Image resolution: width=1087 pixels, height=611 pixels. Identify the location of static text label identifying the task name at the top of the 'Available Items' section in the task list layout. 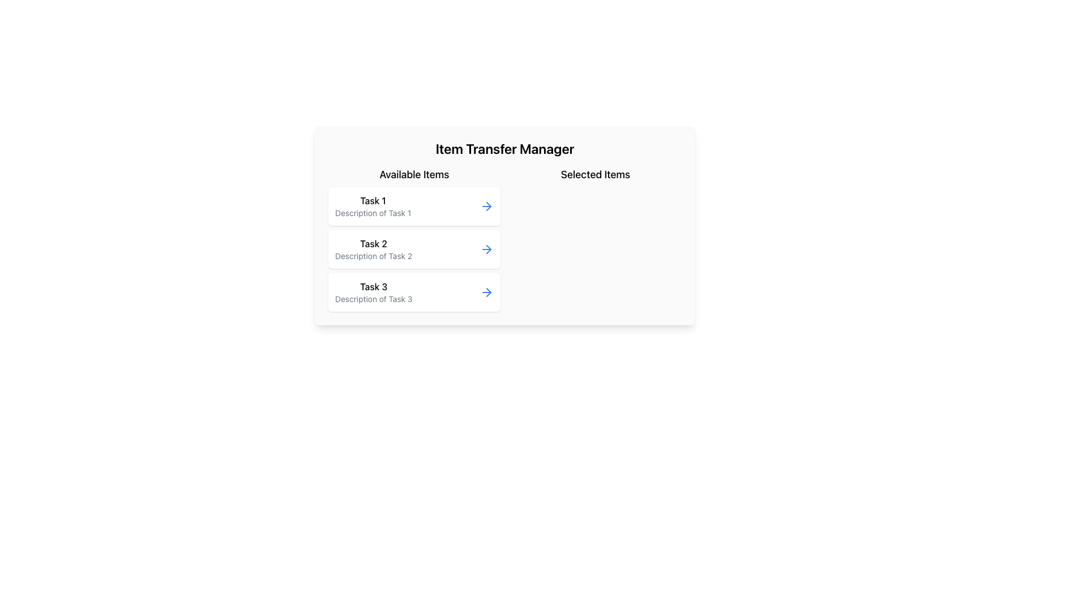
(373, 200).